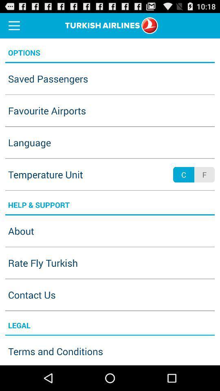  What do you see at coordinates (14, 25) in the screenshot?
I see `menu` at bounding box center [14, 25].